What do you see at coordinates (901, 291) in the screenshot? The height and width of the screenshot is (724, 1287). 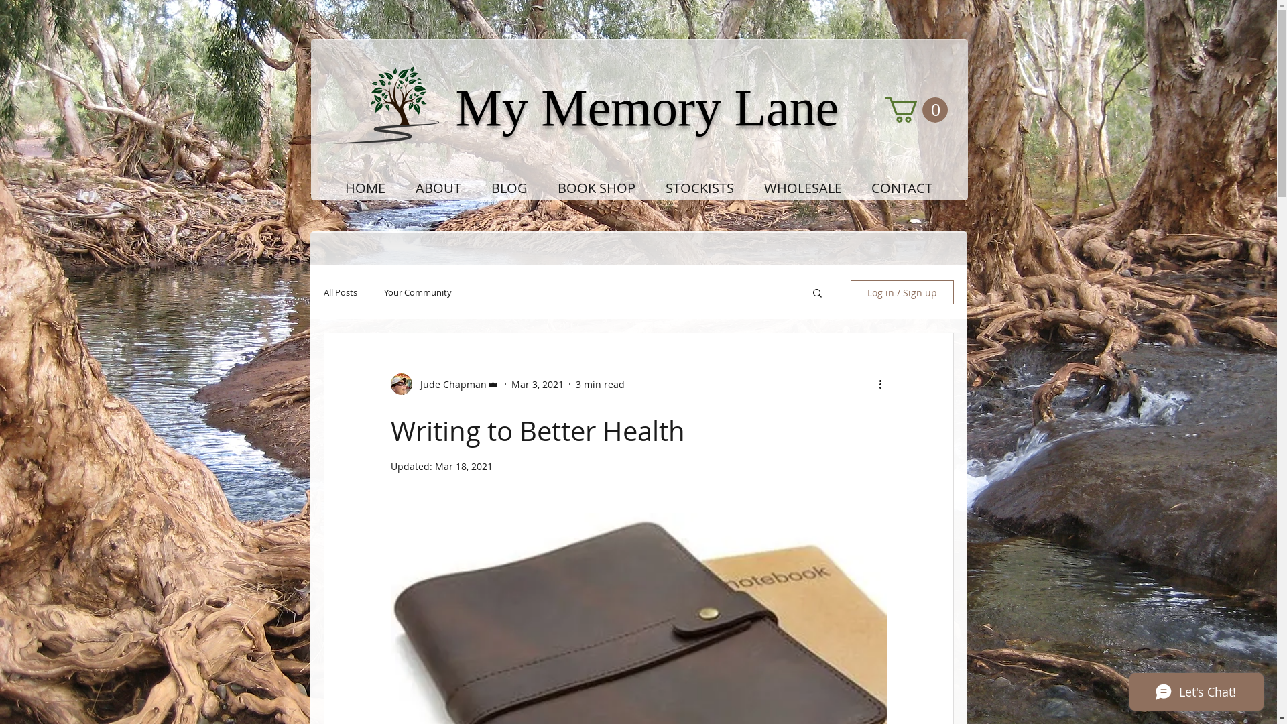 I see `'Log in / Sign up'` at bounding box center [901, 291].